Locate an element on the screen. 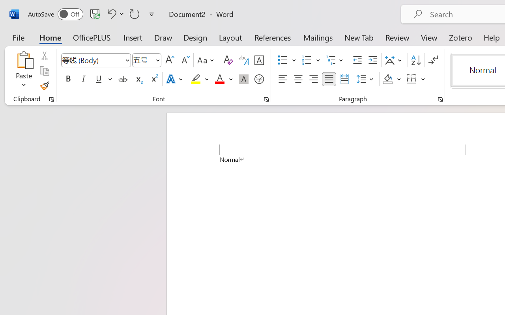 The width and height of the screenshot is (505, 315). 'Borders' is located at coordinates (411, 79).